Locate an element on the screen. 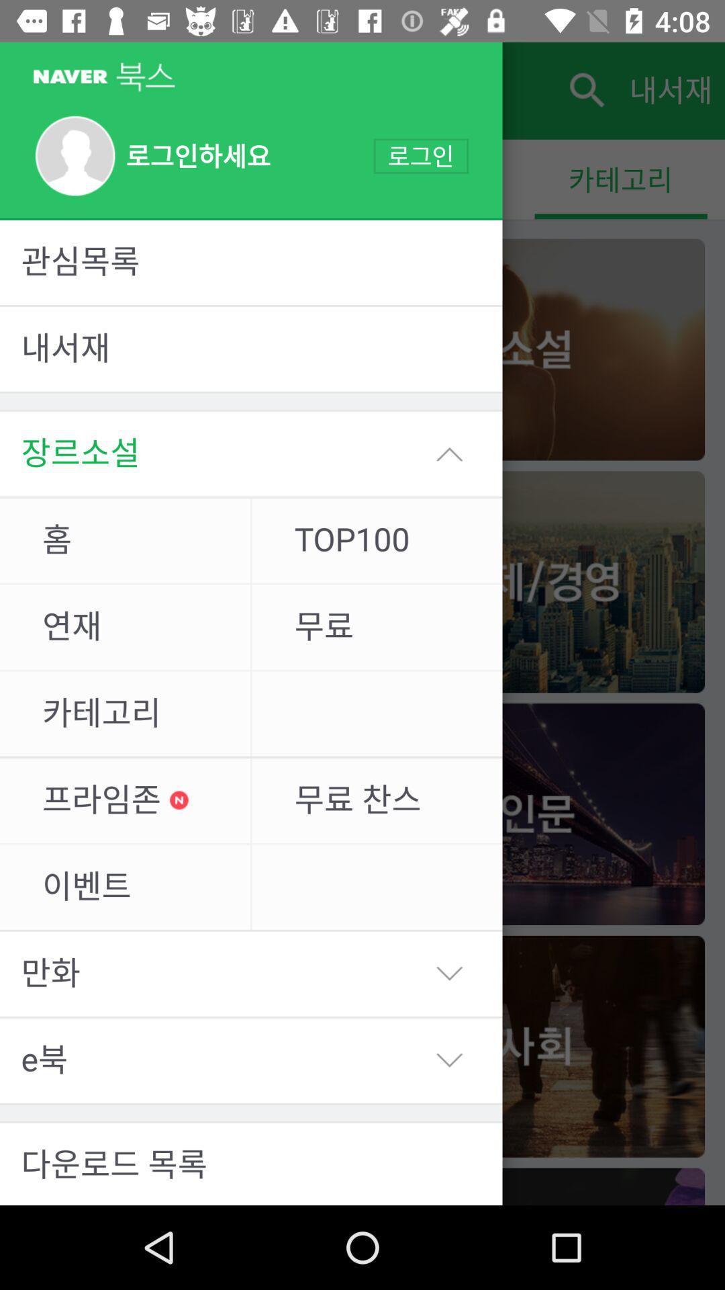 The image size is (725, 1290). the profile image is located at coordinates (75, 155).